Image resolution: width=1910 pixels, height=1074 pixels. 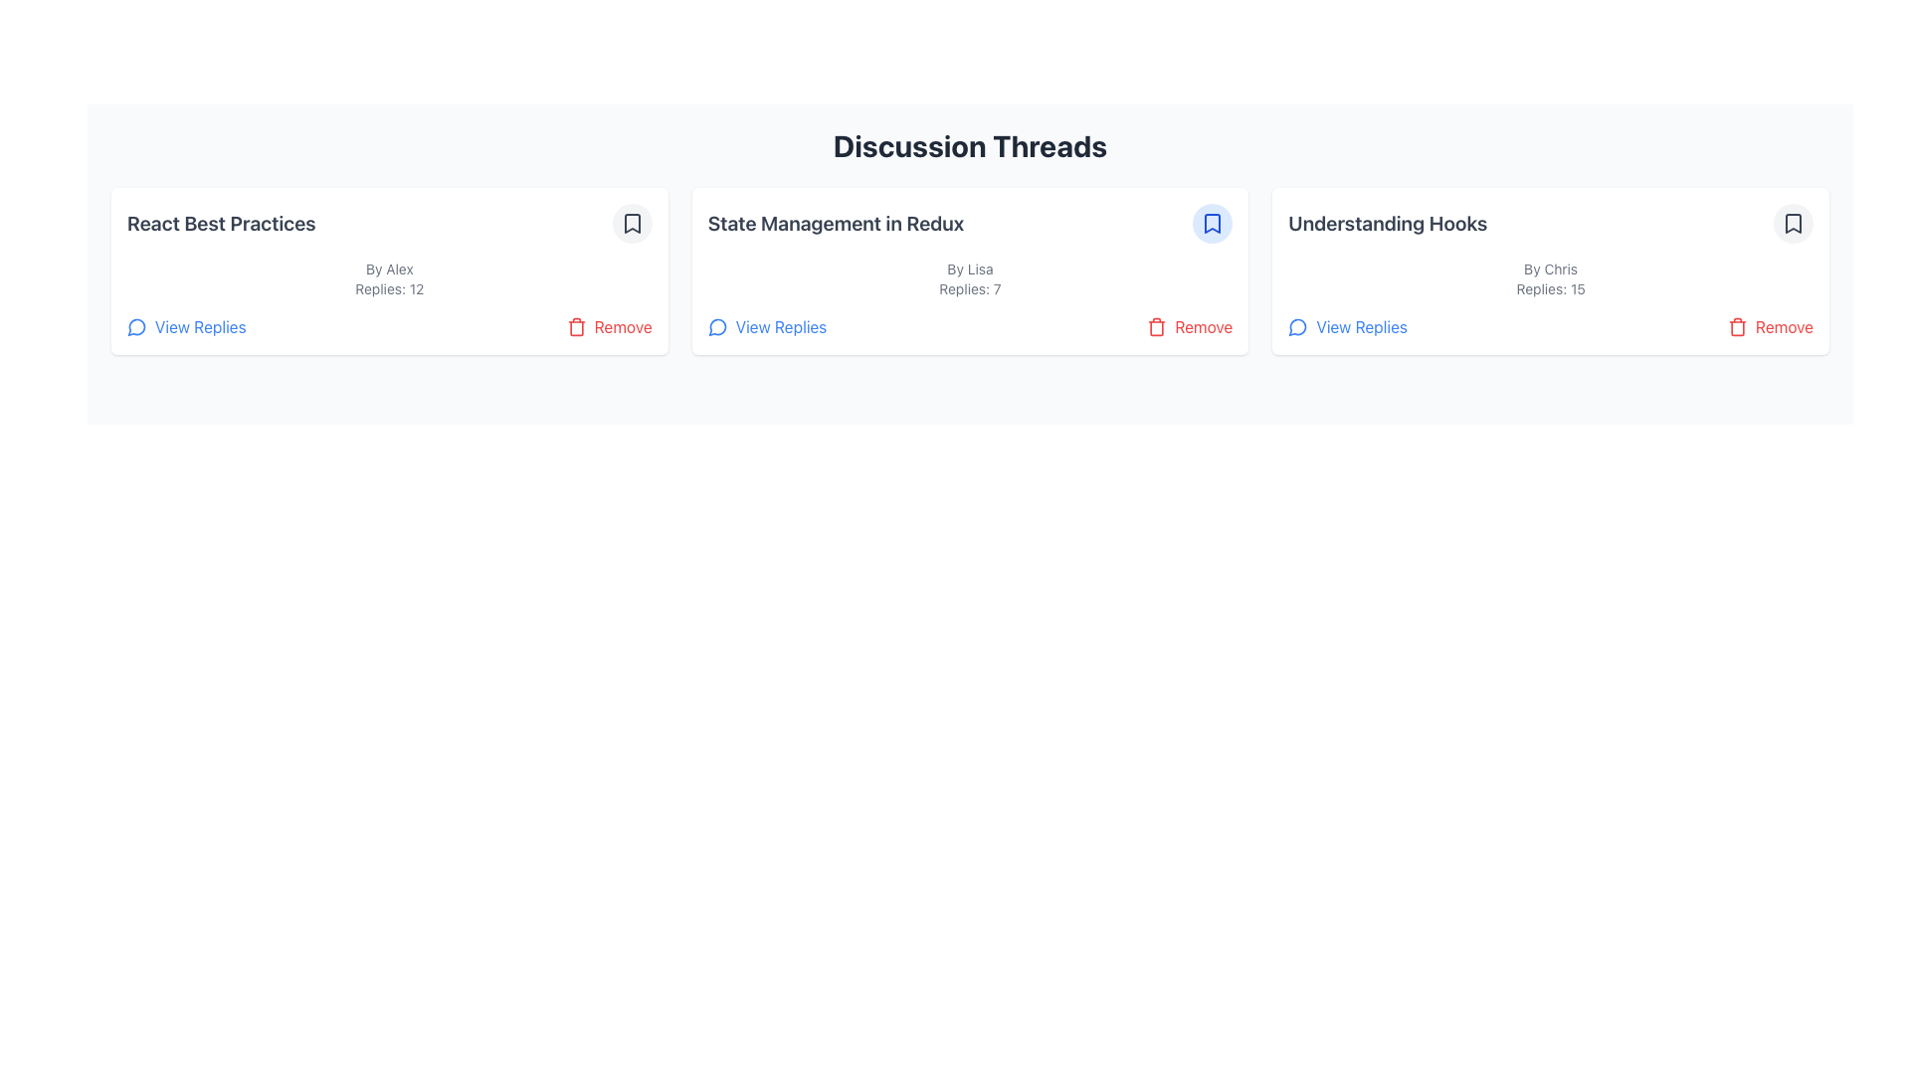 I want to click on the bookmark-shaped icon located in the top-right corner of the 'React Best Practices' discussion thread, so click(x=631, y=223).